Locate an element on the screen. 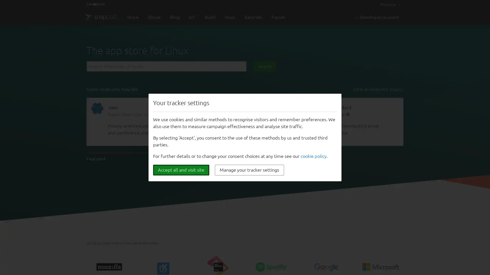 The height and width of the screenshot is (275, 490). Manage your tracker settings is located at coordinates (249, 170).